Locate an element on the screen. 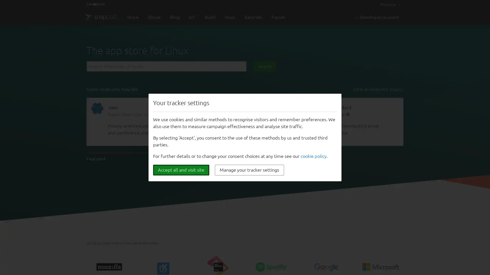 The height and width of the screenshot is (275, 490). Manage your tracker settings is located at coordinates (249, 170).